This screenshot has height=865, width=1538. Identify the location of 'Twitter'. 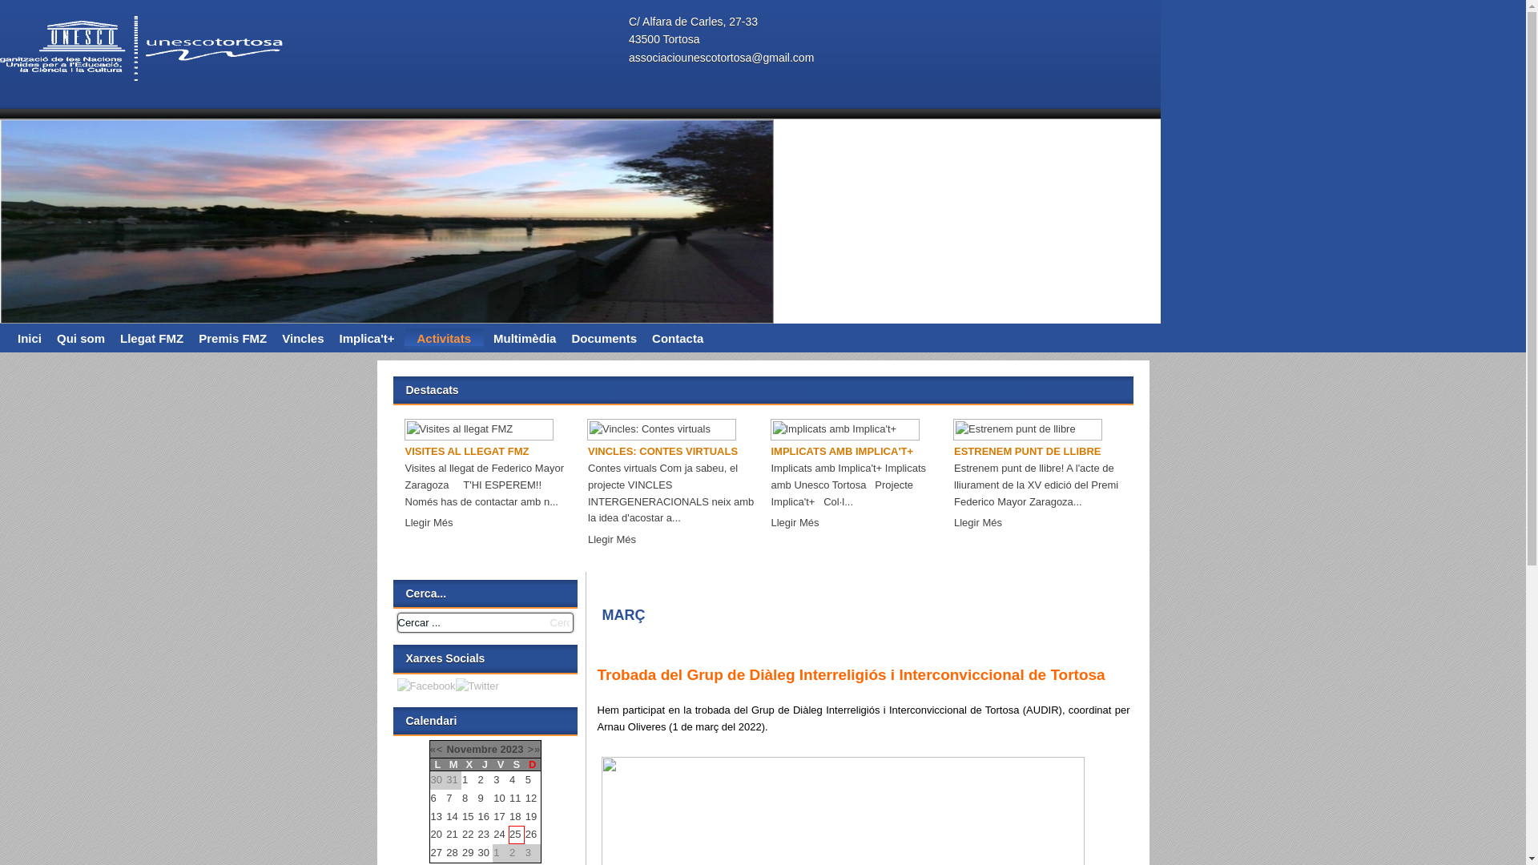
(476, 686).